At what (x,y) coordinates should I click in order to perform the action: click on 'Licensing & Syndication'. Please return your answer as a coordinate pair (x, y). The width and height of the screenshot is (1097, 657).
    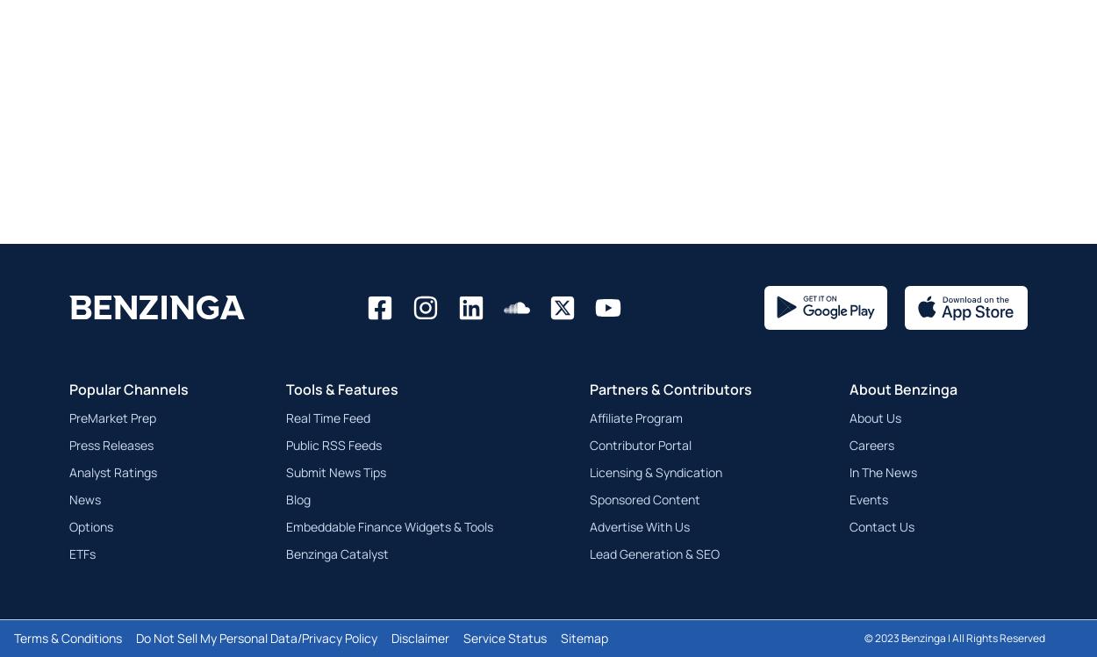
    Looking at the image, I should click on (655, 471).